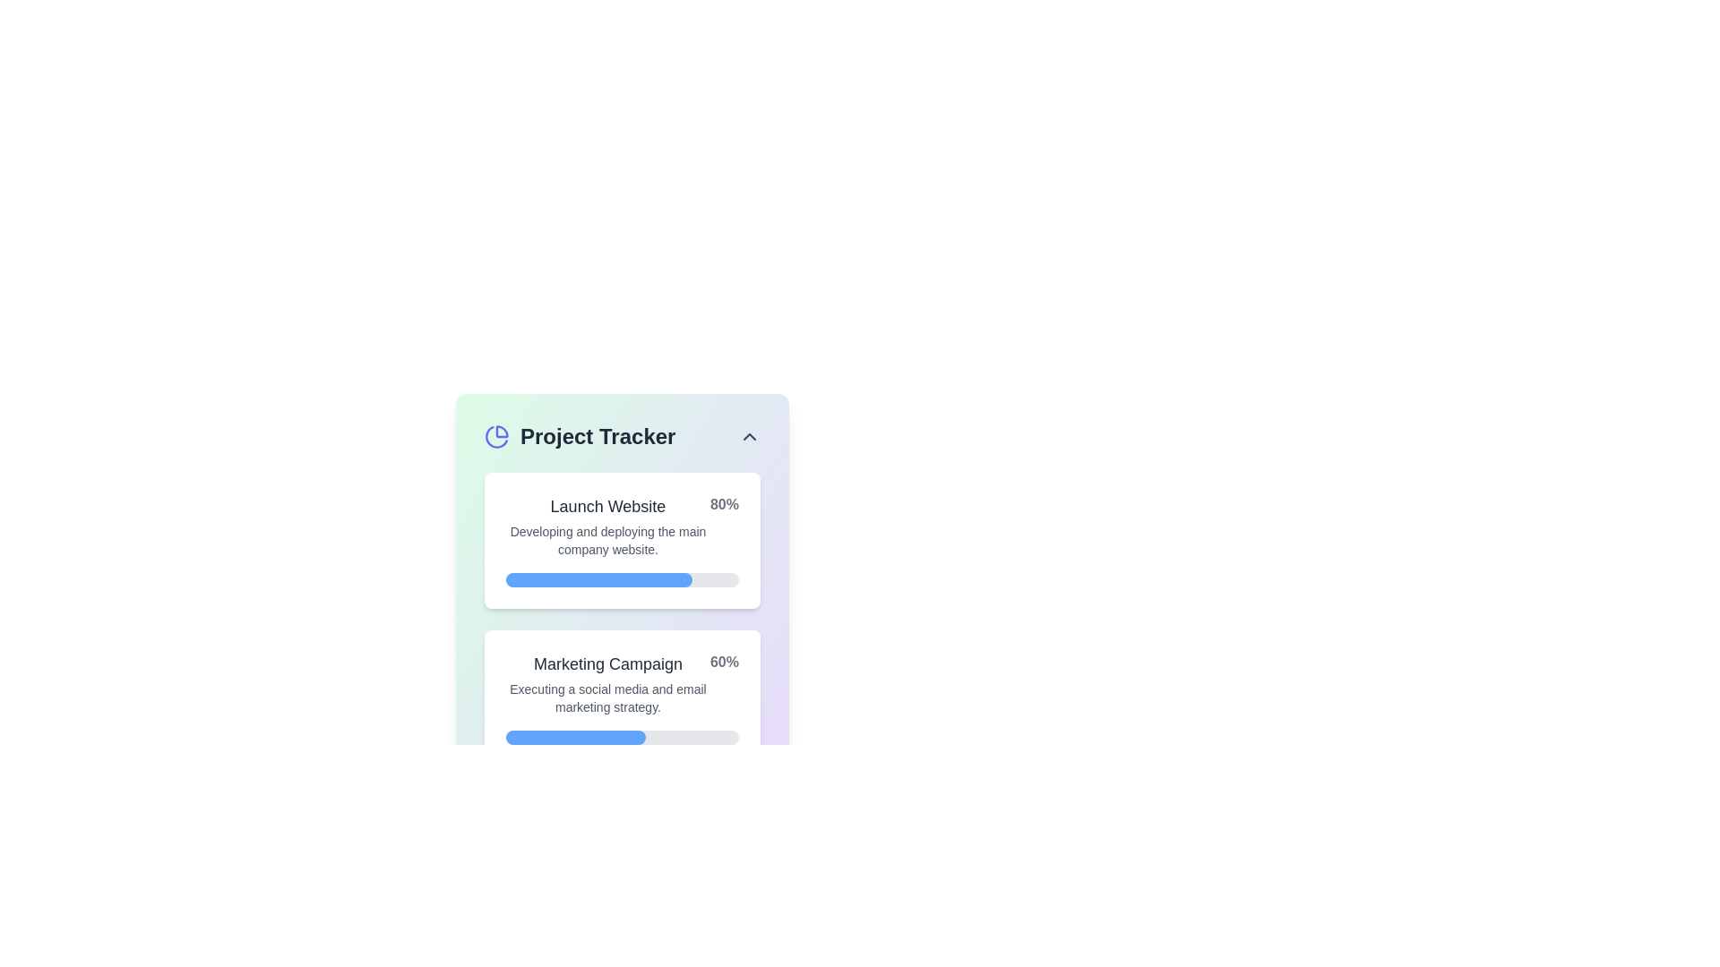 This screenshot has width=1720, height=967. What do you see at coordinates (576, 738) in the screenshot?
I see `the progress indicator bar representing 60% completion within the 'Project Tracker' interface, located below the 'Marketing Campaign' label` at bounding box center [576, 738].